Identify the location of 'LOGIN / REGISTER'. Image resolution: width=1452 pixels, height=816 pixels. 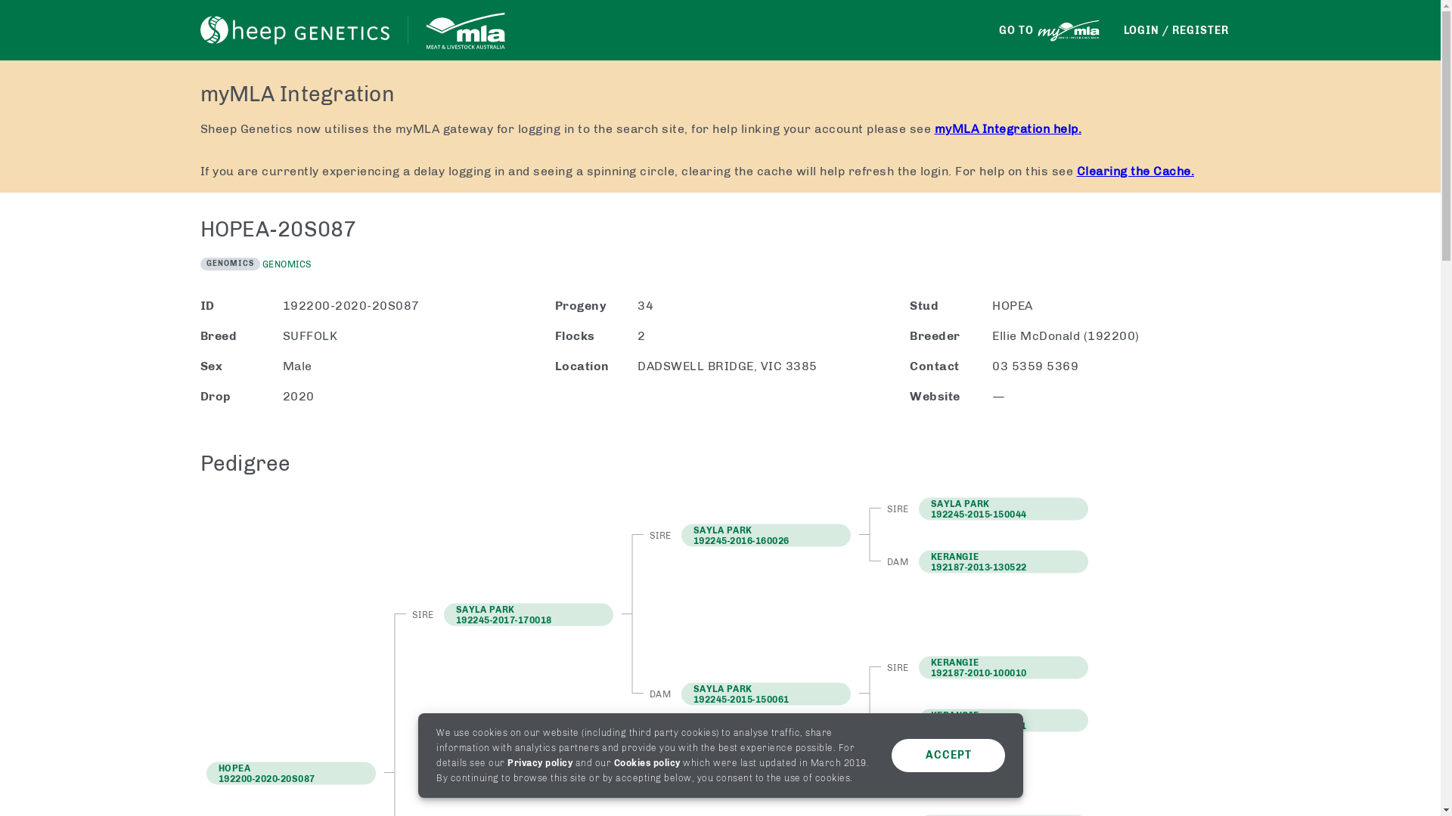
(1175, 30).